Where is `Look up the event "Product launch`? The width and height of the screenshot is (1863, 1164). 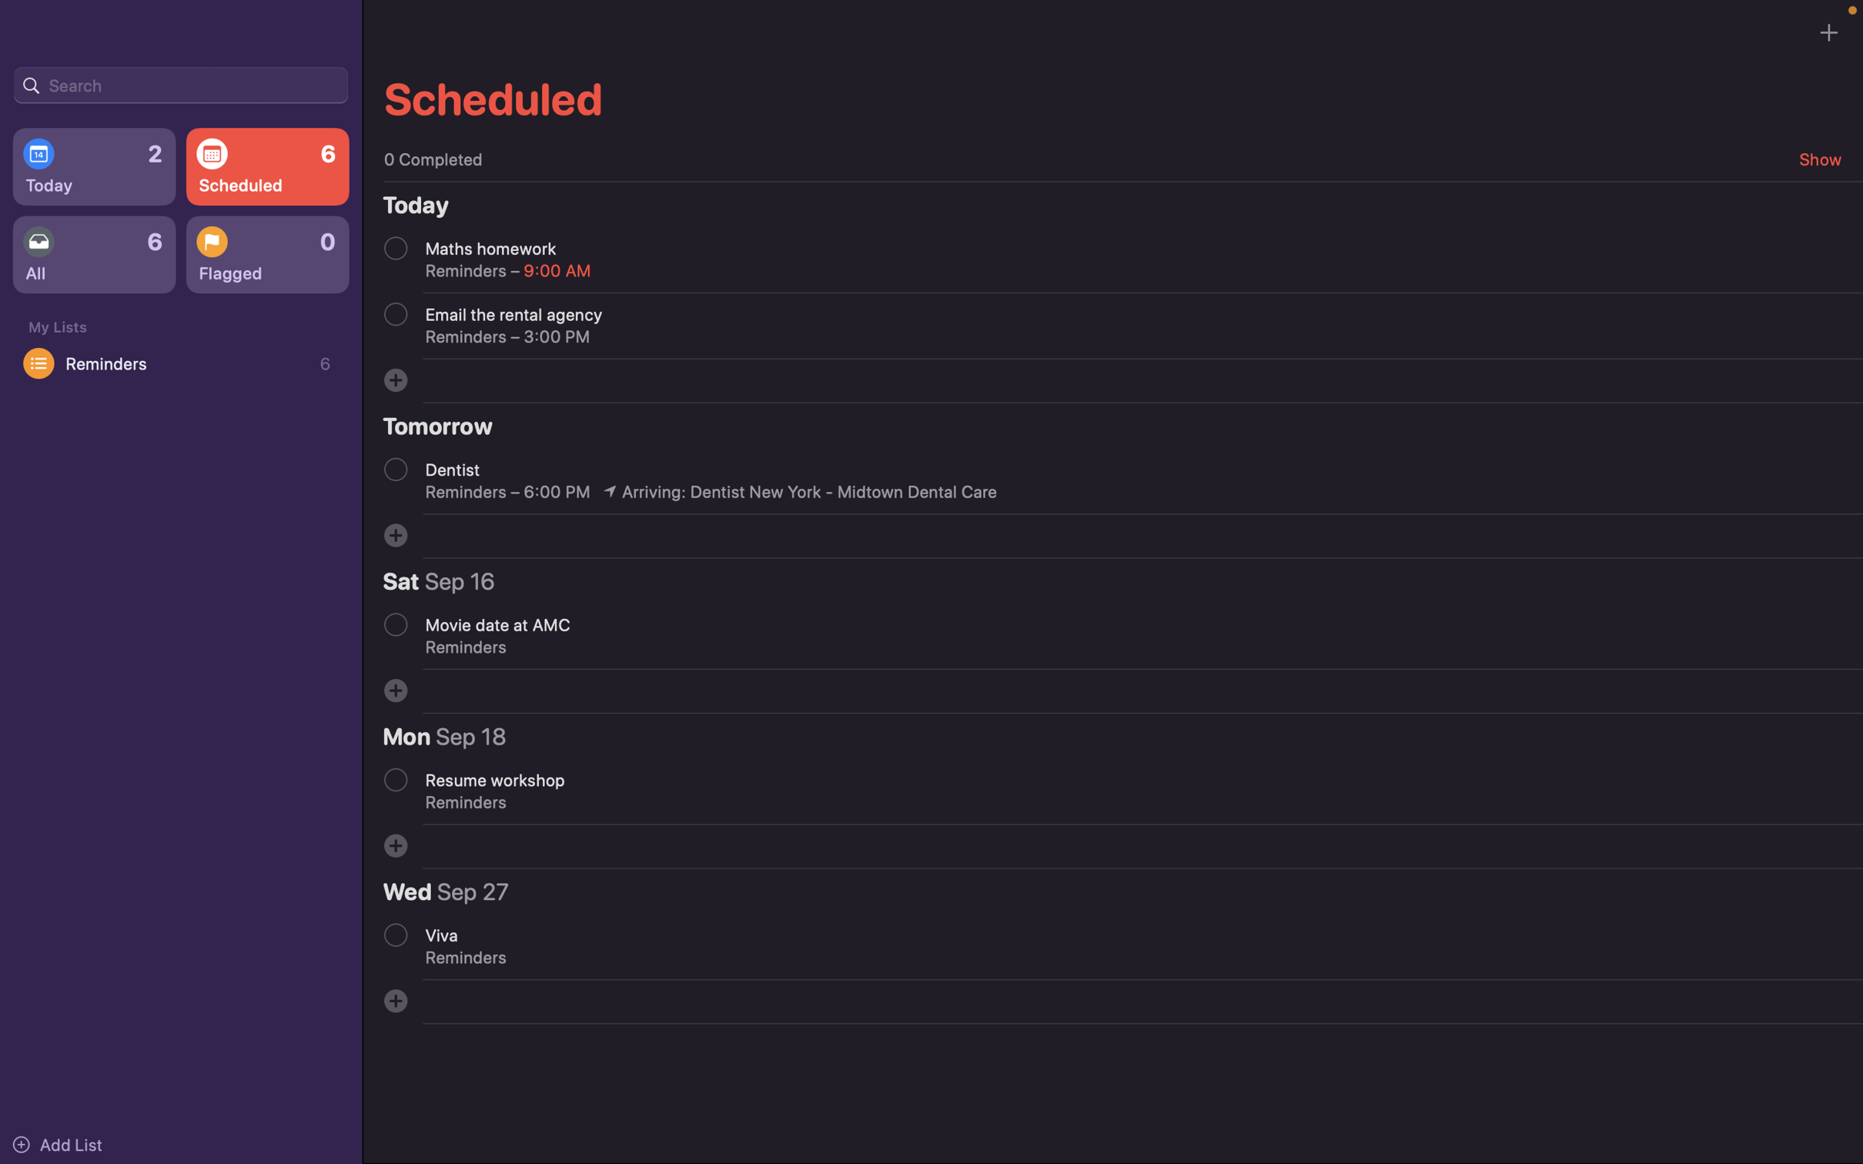
Look up the event "Product launch is located at coordinates (180, 83).